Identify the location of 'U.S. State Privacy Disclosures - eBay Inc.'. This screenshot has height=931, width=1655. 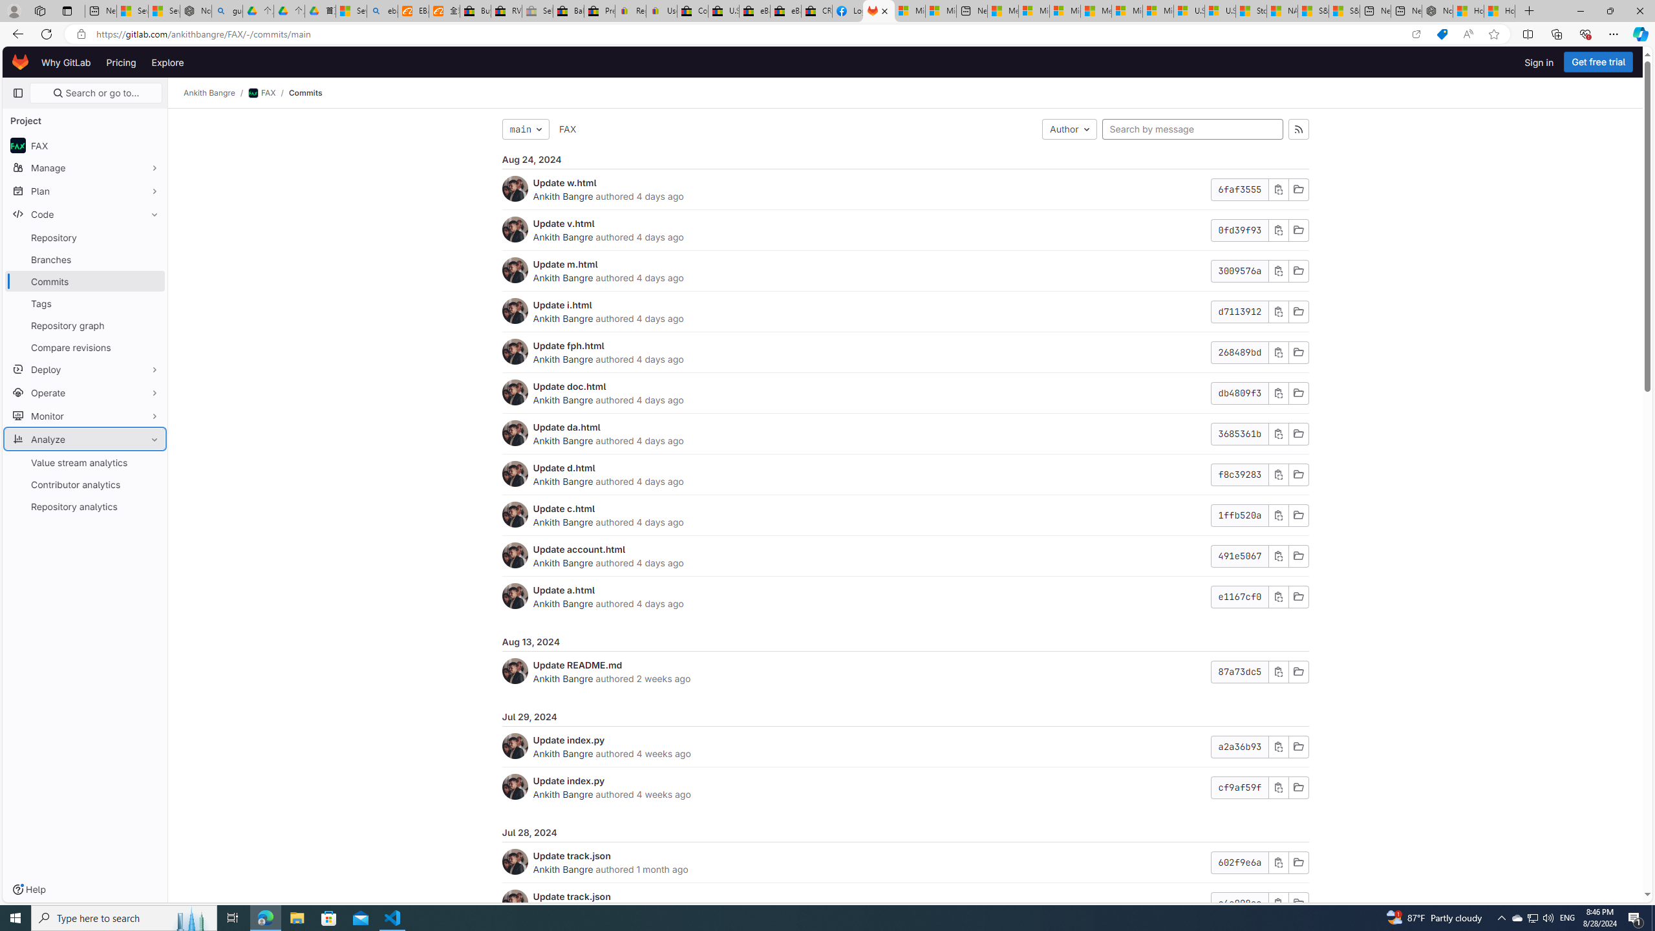
(724, 10).